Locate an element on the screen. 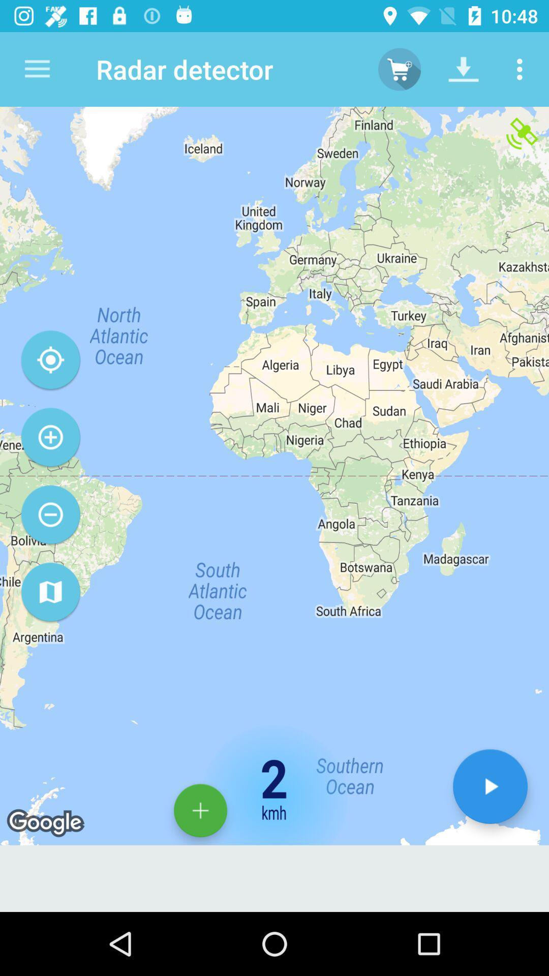  the add icon is located at coordinates (50, 437).